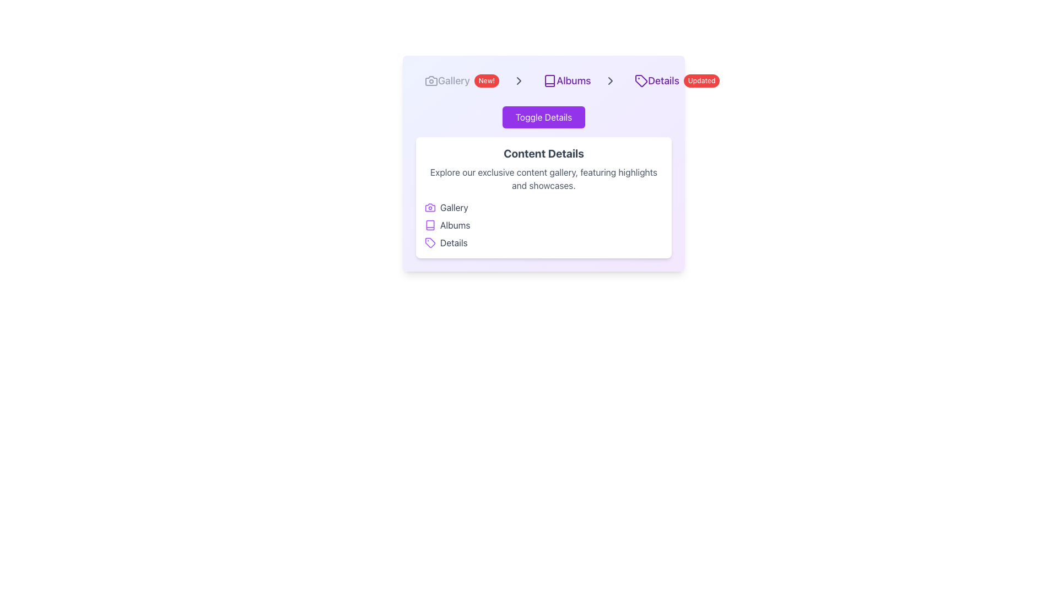 This screenshot has height=595, width=1058. I want to click on the Chevron Icon located to the right of the 'Gallery' tab, next to the 'New!' badge, so click(519, 80).